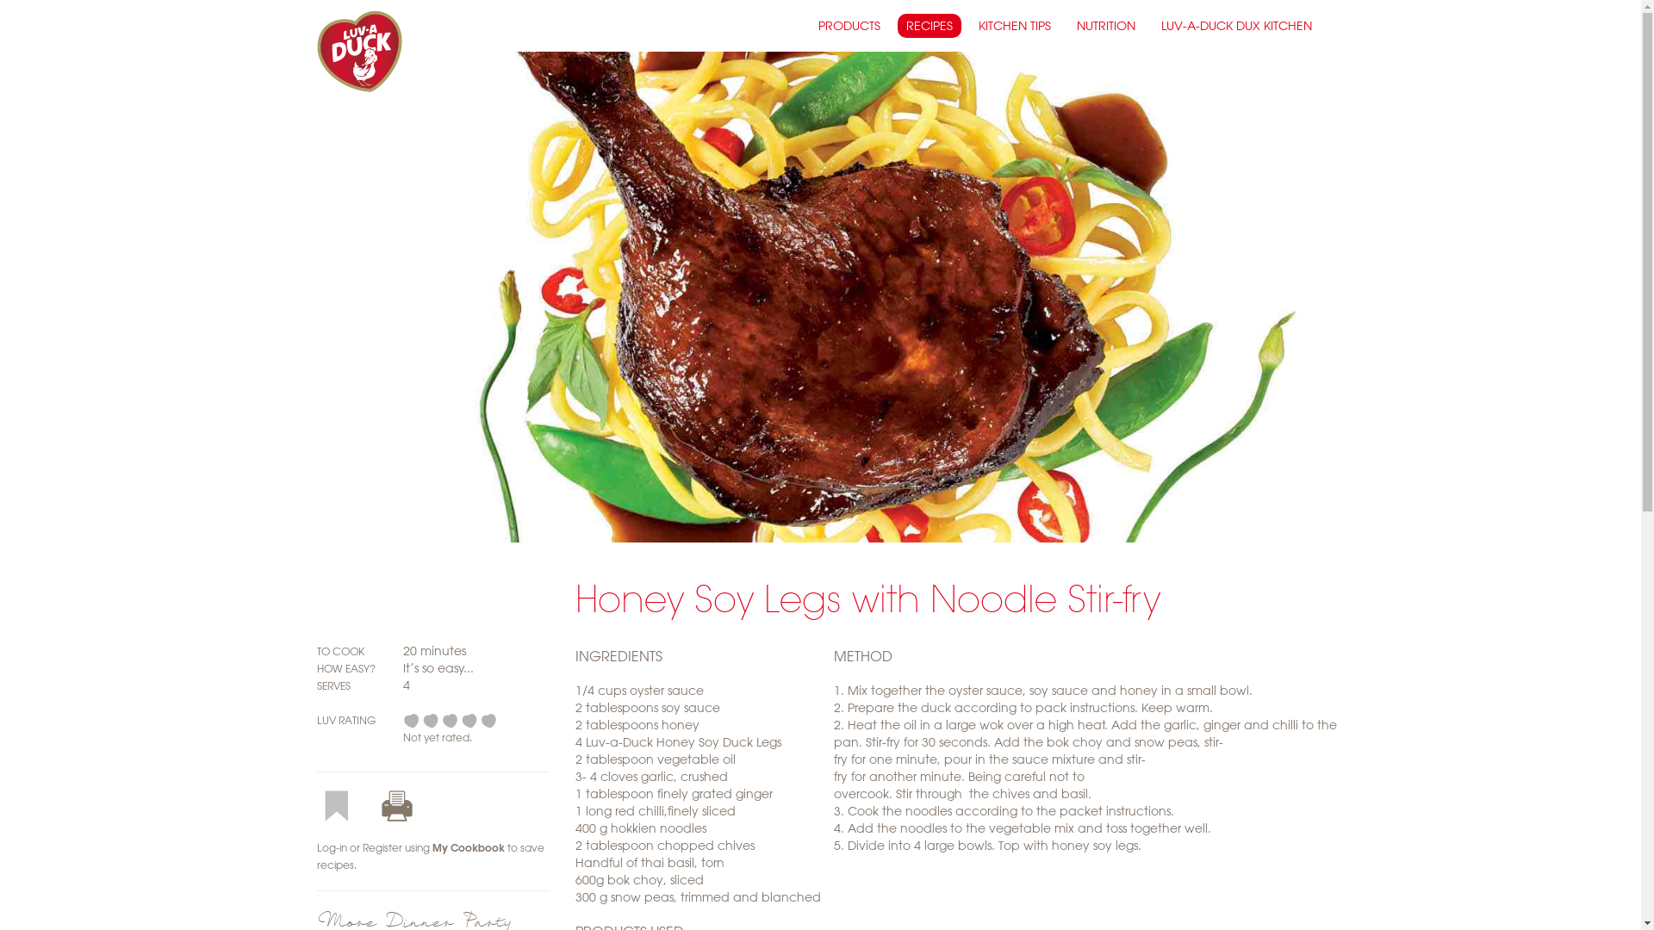 This screenshot has height=930, width=1654. Describe the element at coordinates (1014, 26) in the screenshot. I see `'KITCHEN TIPS'` at that location.